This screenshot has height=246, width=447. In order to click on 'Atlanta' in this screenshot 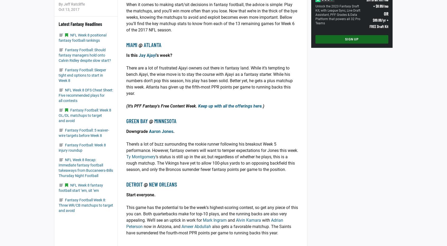, I will do `click(152, 44)`.